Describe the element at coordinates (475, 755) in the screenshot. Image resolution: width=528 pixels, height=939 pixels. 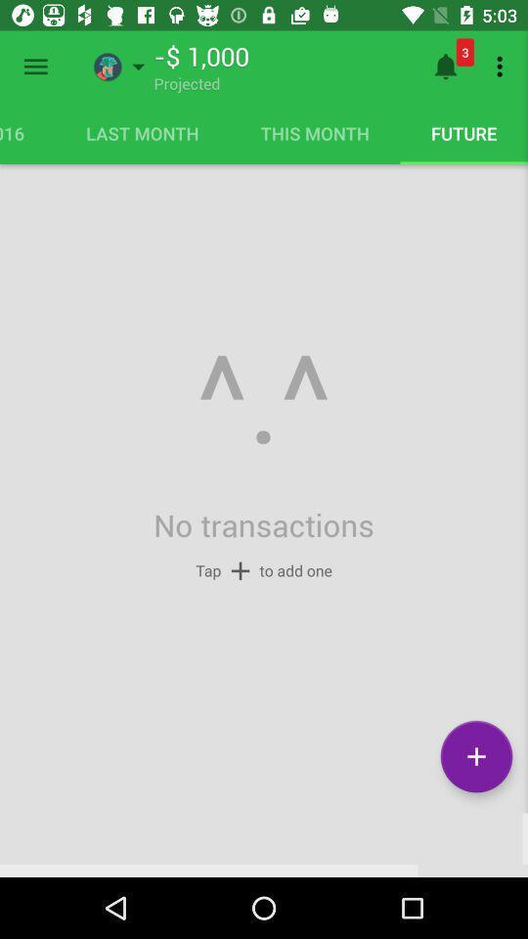
I see `plus icon` at that location.